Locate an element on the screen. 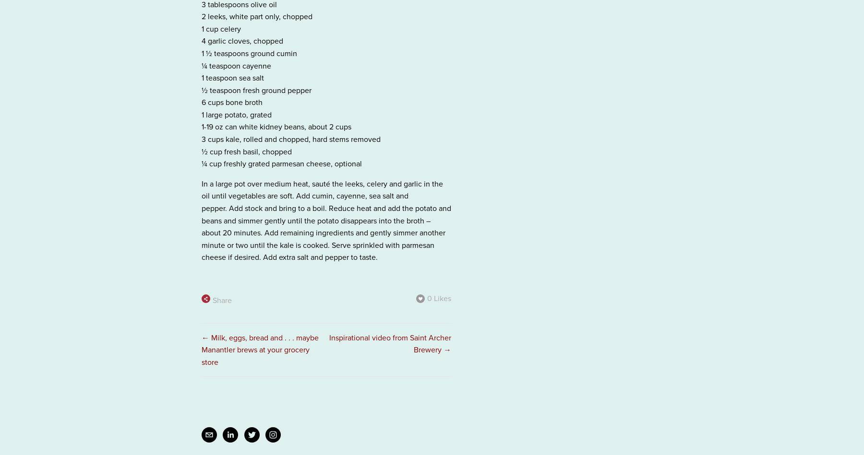 This screenshot has height=455, width=864. '¼ cup freshly grated parmesan cheese, optional' is located at coordinates (281, 163).